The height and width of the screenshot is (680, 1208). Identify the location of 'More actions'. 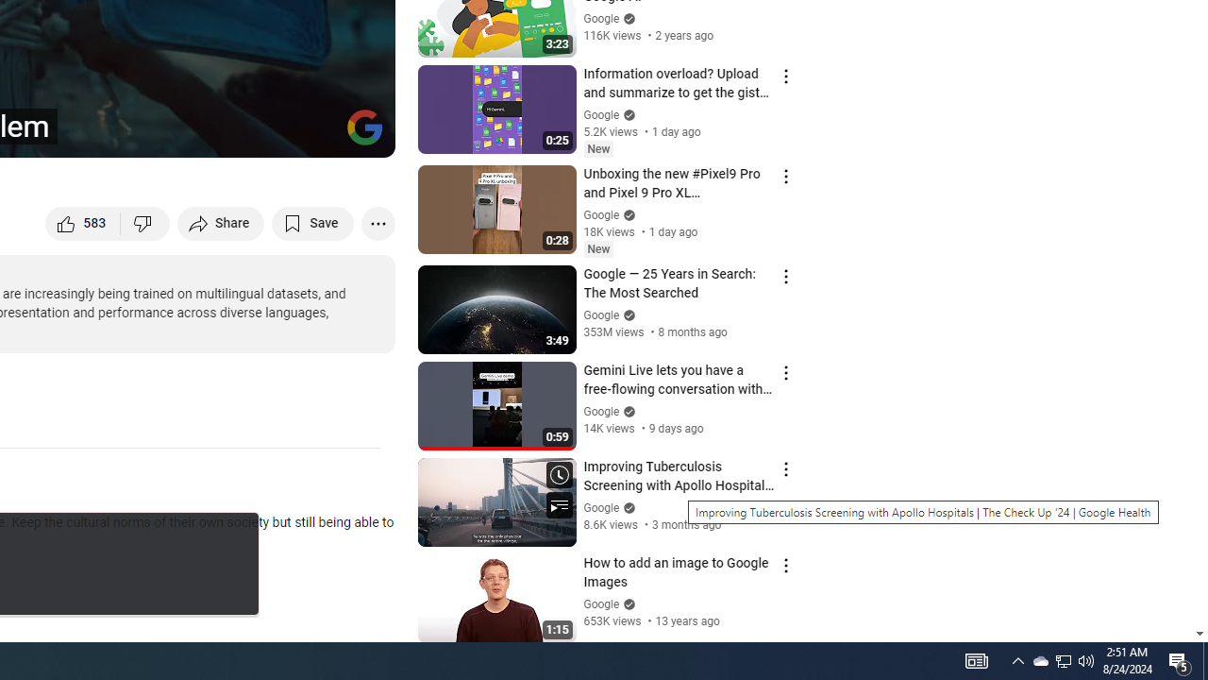
(377, 222).